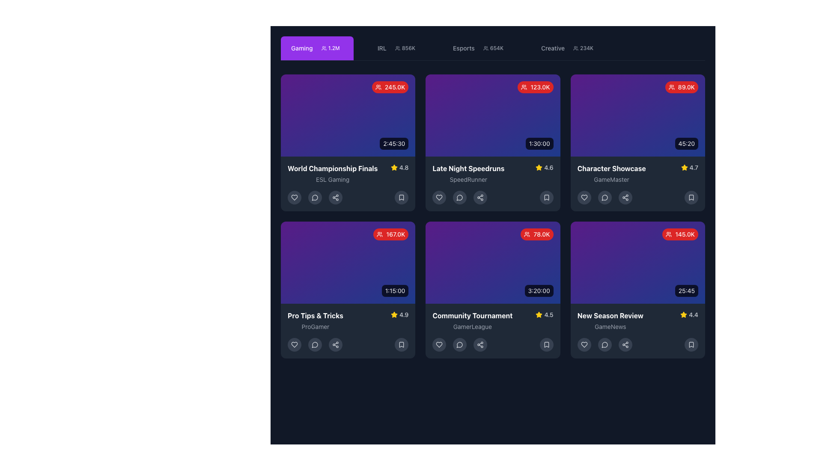  Describe the element at coordinates (393, 167) in the screenshot. I see `the stylized yellow star icon located in the fourth card of the topmost row in the grid layout, which represents a rating mechanism` at that location.